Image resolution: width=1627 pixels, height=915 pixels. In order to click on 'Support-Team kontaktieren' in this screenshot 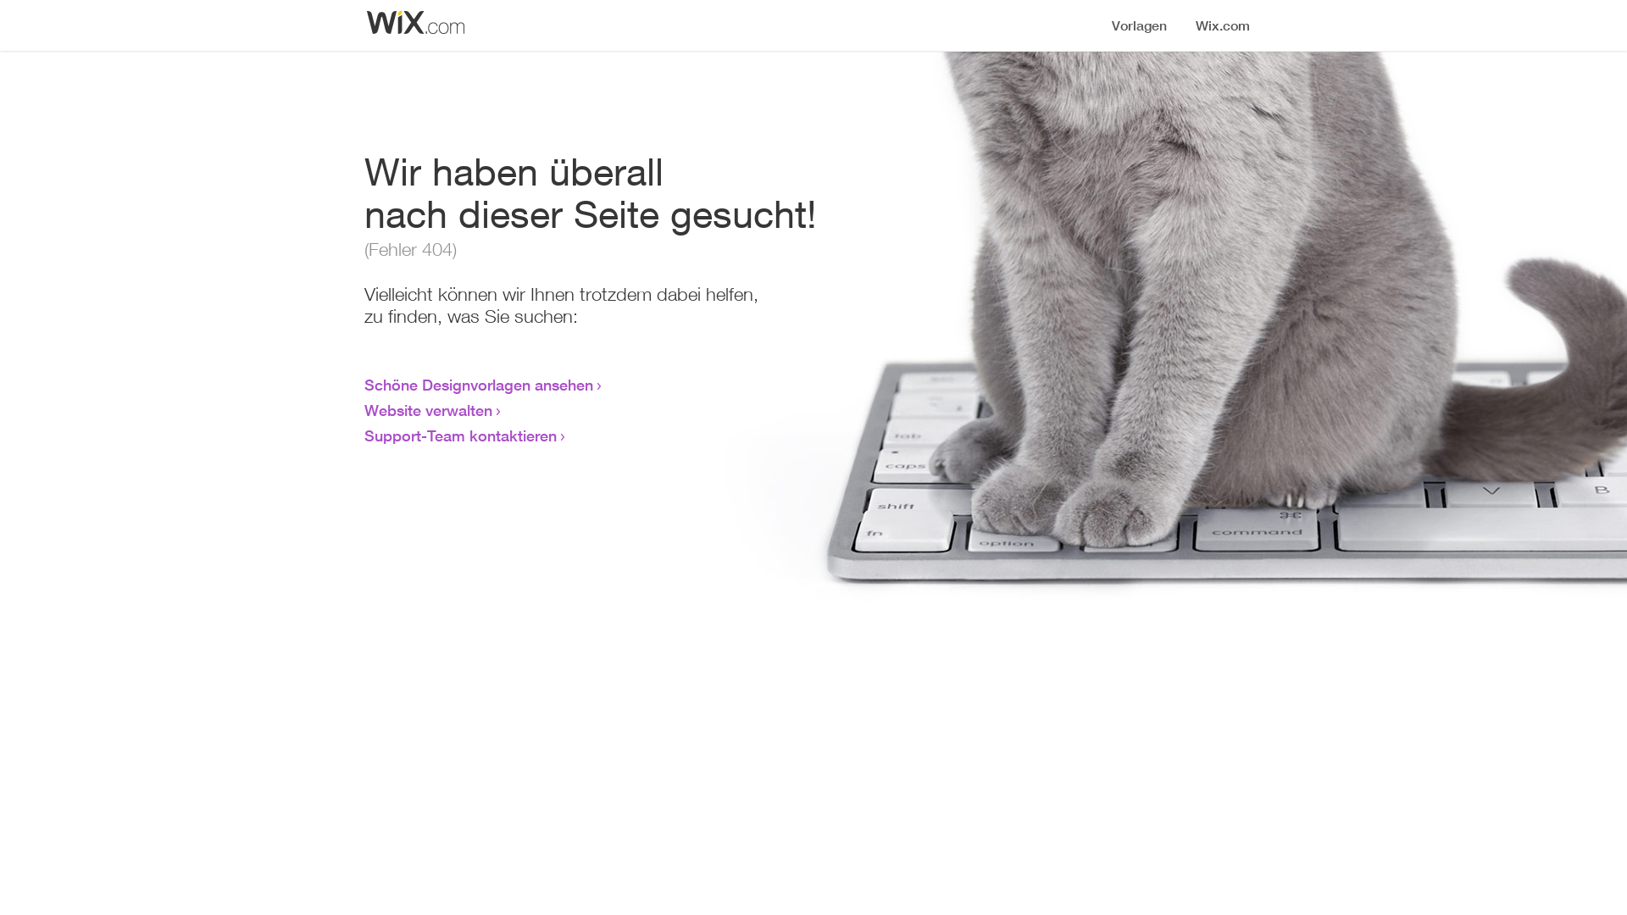, I will do `click(460, 434)`.